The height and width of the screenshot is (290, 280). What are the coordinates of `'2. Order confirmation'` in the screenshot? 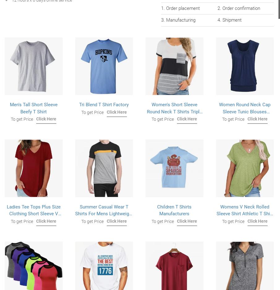 It's located at (238, 8).